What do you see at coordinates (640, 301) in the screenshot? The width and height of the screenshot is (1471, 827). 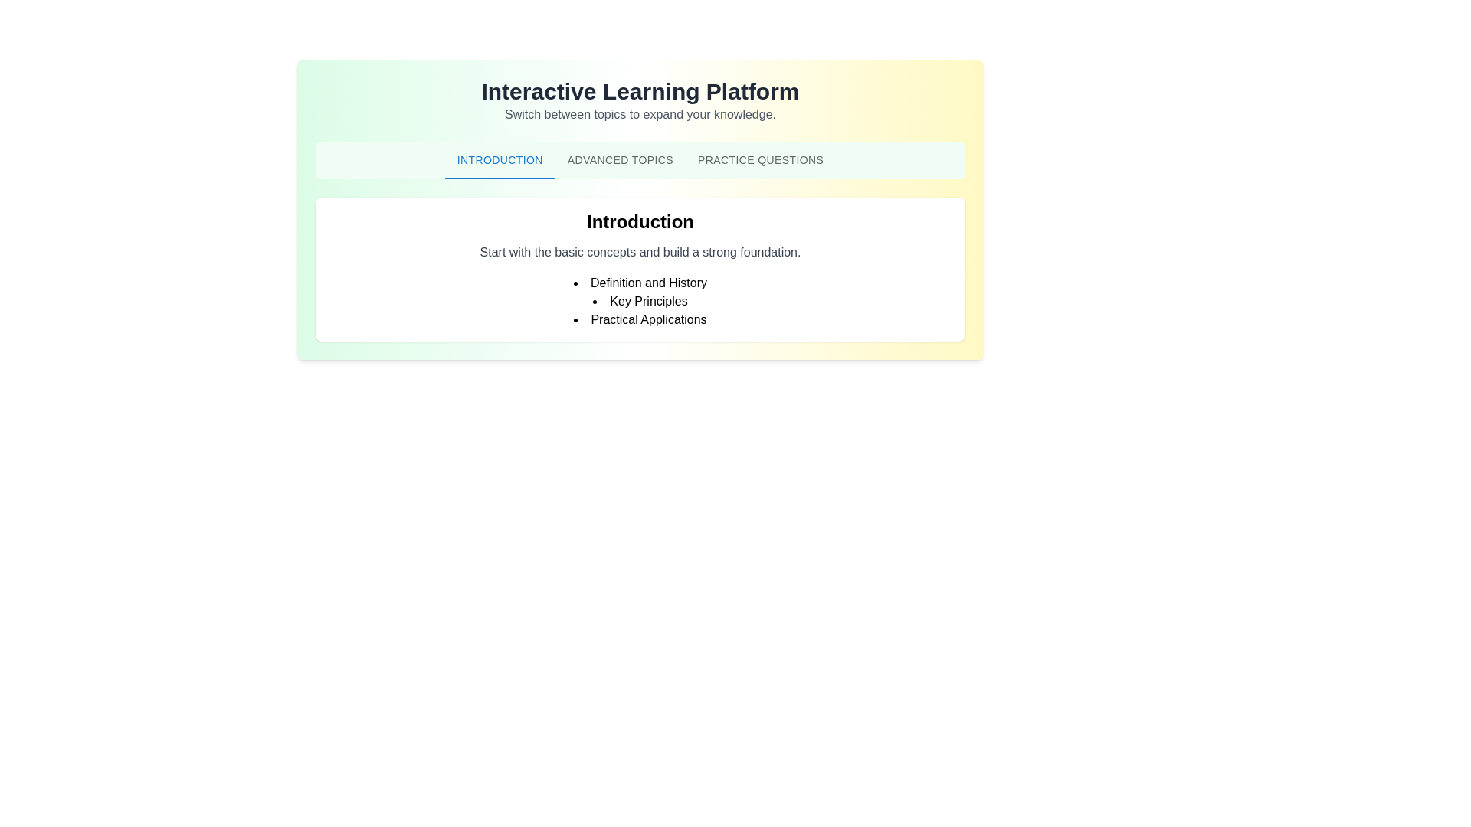 I see `the second list item labeled 'Key Principles' in the Introduction section, located below the first bullet point 'Definition and History'` at bounding box center [640, 301].